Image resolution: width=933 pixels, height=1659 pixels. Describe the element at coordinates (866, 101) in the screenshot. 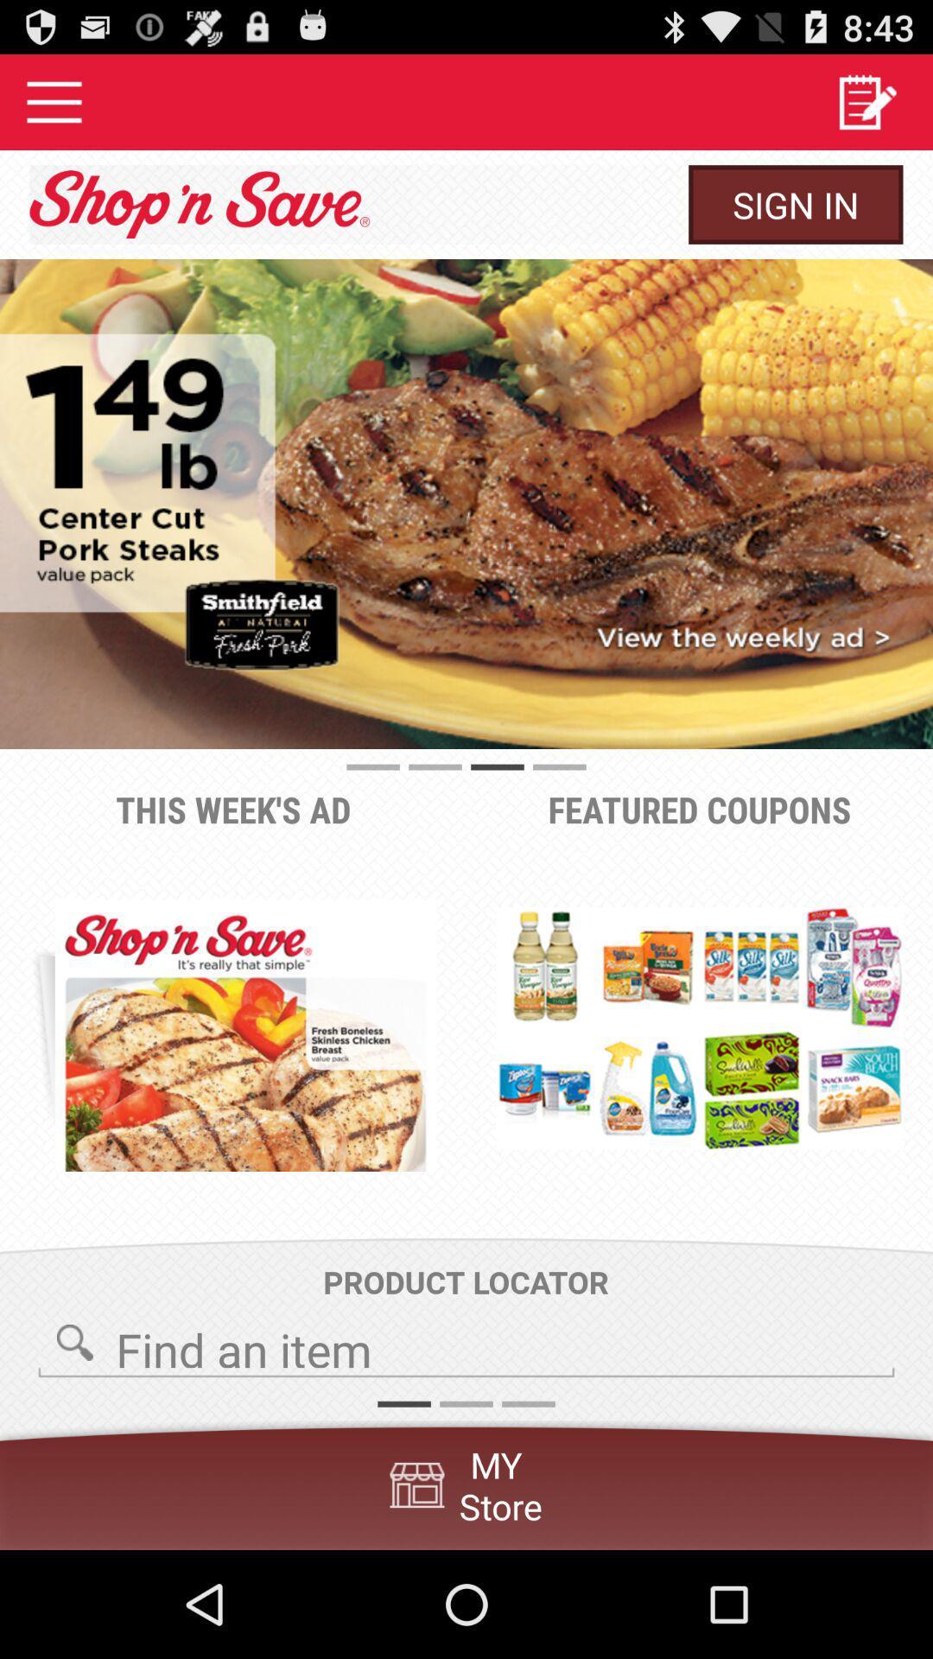

I see `notepad` at that location.